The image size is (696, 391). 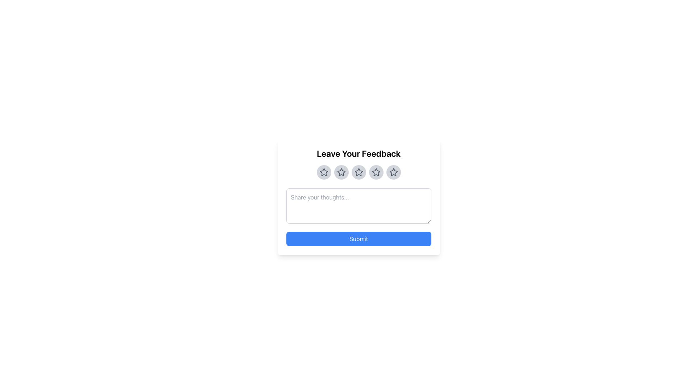 What do you see at coordinates (341, 172) in the screenshot?
I see `on the second star-shaped rating icon located below the 'Leave Your Feedback' text` at bounding box center [341, 172].